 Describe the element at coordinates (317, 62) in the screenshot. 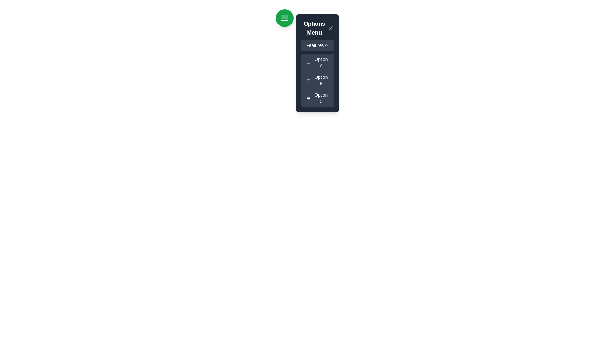

I see `the first hyperlink in the vertical list under the 'Options Menu', located directly below the 'Features' dropdown` at that location.